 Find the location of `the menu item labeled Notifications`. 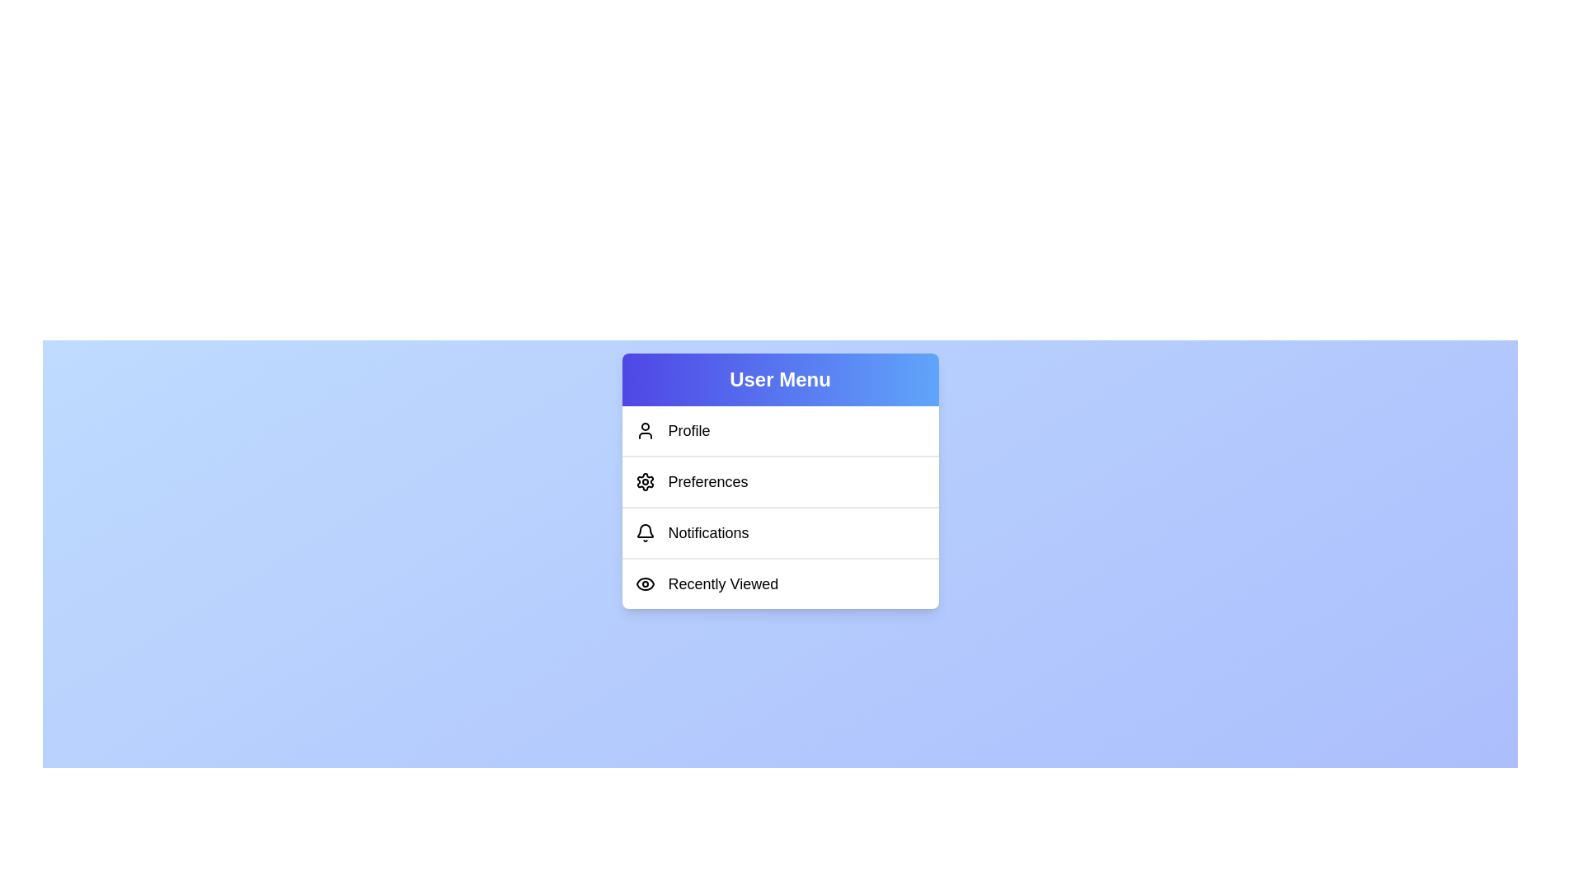

the menu item labeled Notifications is located at coordinates (779, 532).